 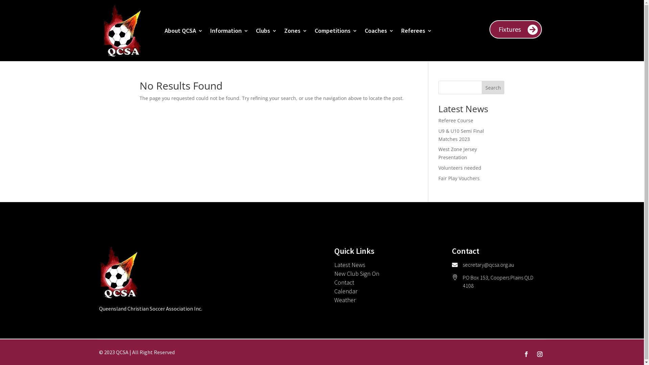 I want to click on 'QCSA Logo No Tagline', so click(x=119, y=272).